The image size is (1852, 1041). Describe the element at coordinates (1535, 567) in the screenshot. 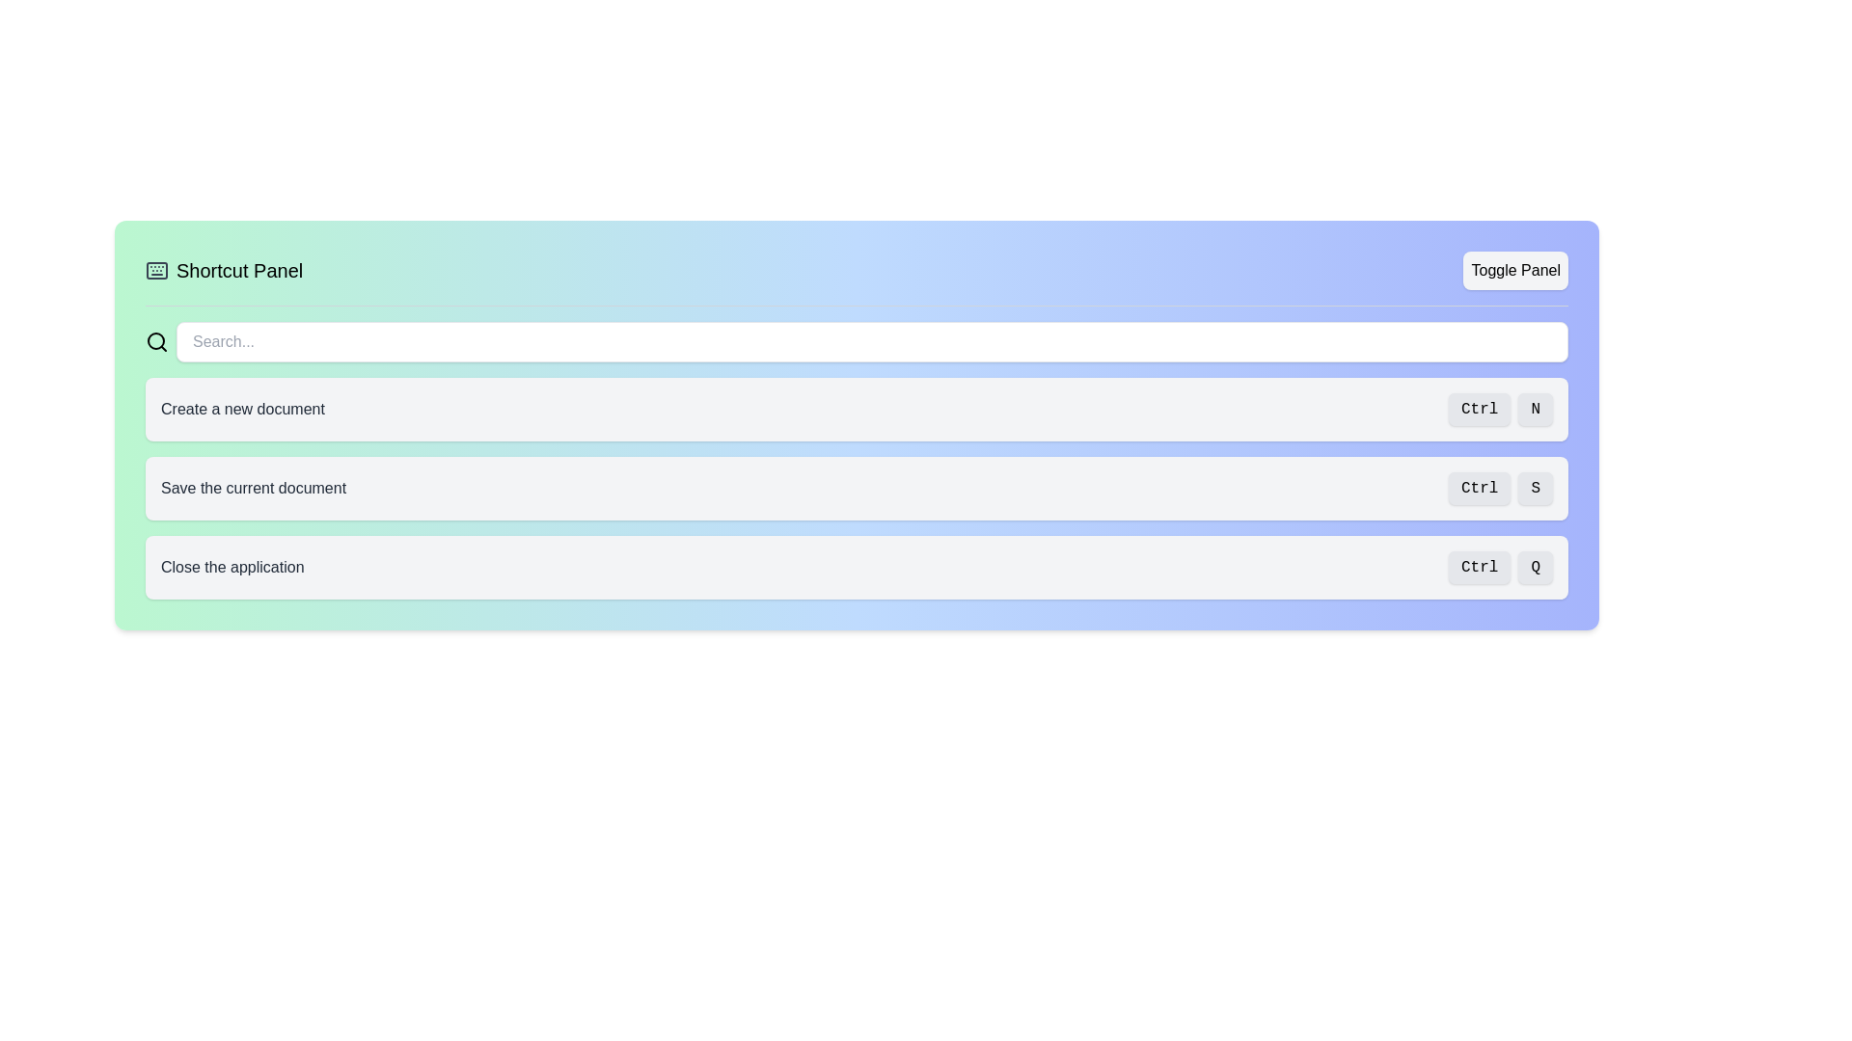

I see `the static UI label styled as a button with the text 'Q', which is a small rectangular button with a light gray background located to the right of the 'Ctrl' button on the same line as 'Close the application'` at that location.